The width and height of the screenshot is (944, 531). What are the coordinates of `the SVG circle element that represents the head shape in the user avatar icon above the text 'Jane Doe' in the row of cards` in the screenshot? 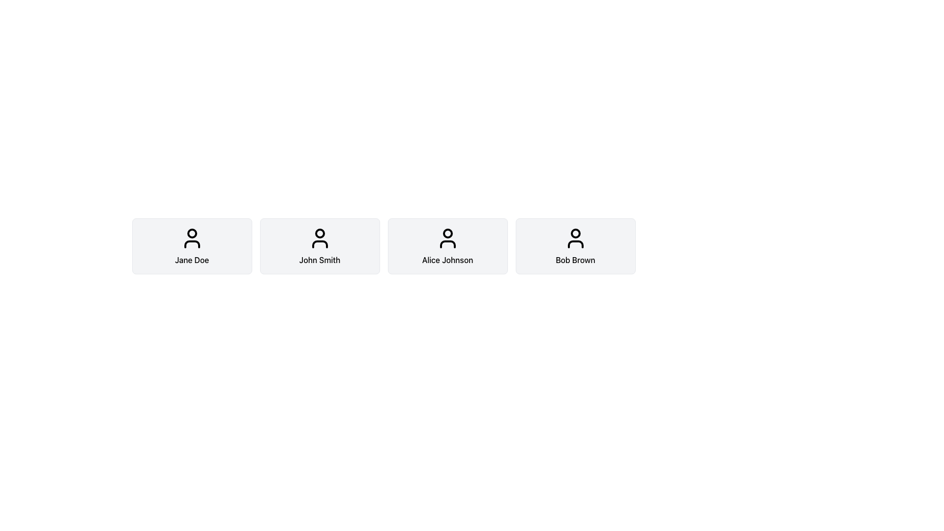 It's located at (192, 233).